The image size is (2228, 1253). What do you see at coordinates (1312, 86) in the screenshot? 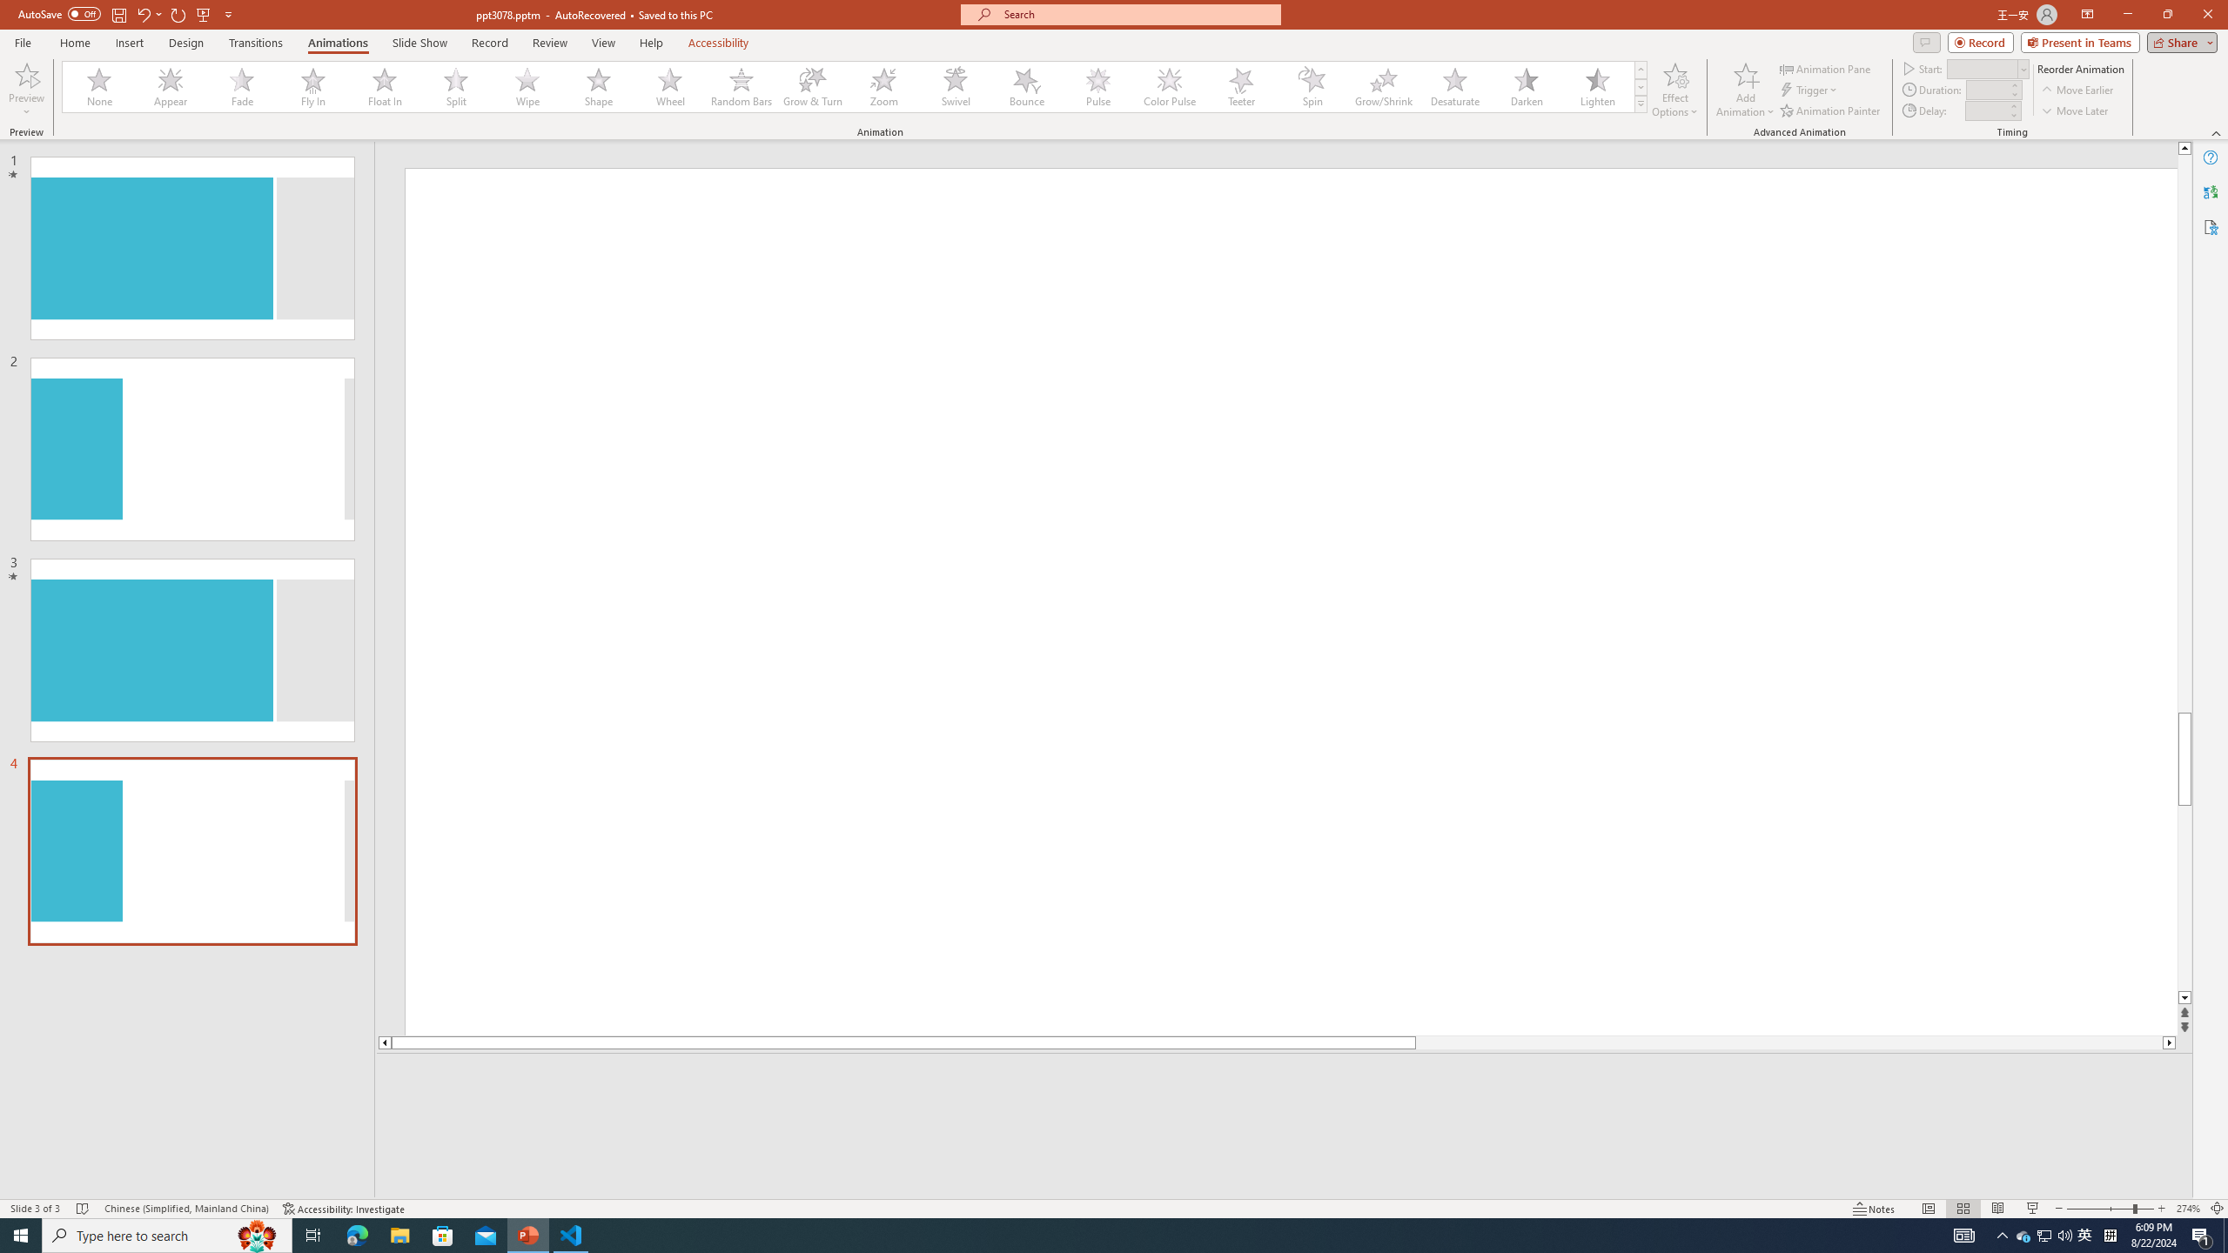
I see `'Spin'` at bounding box center [1312, 86].